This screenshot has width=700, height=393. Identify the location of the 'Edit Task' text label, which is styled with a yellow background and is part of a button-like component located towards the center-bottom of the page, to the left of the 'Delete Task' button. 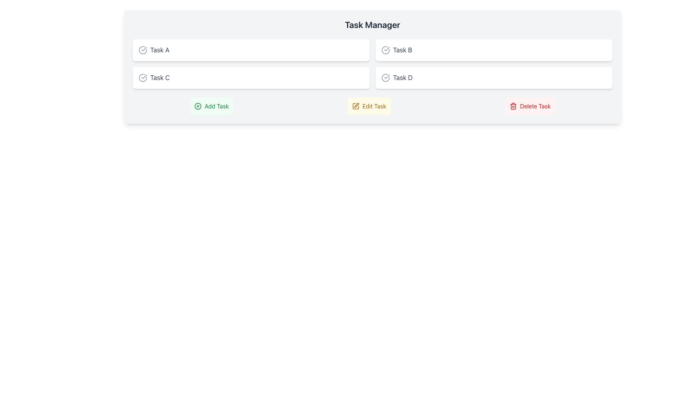
(374, 106).